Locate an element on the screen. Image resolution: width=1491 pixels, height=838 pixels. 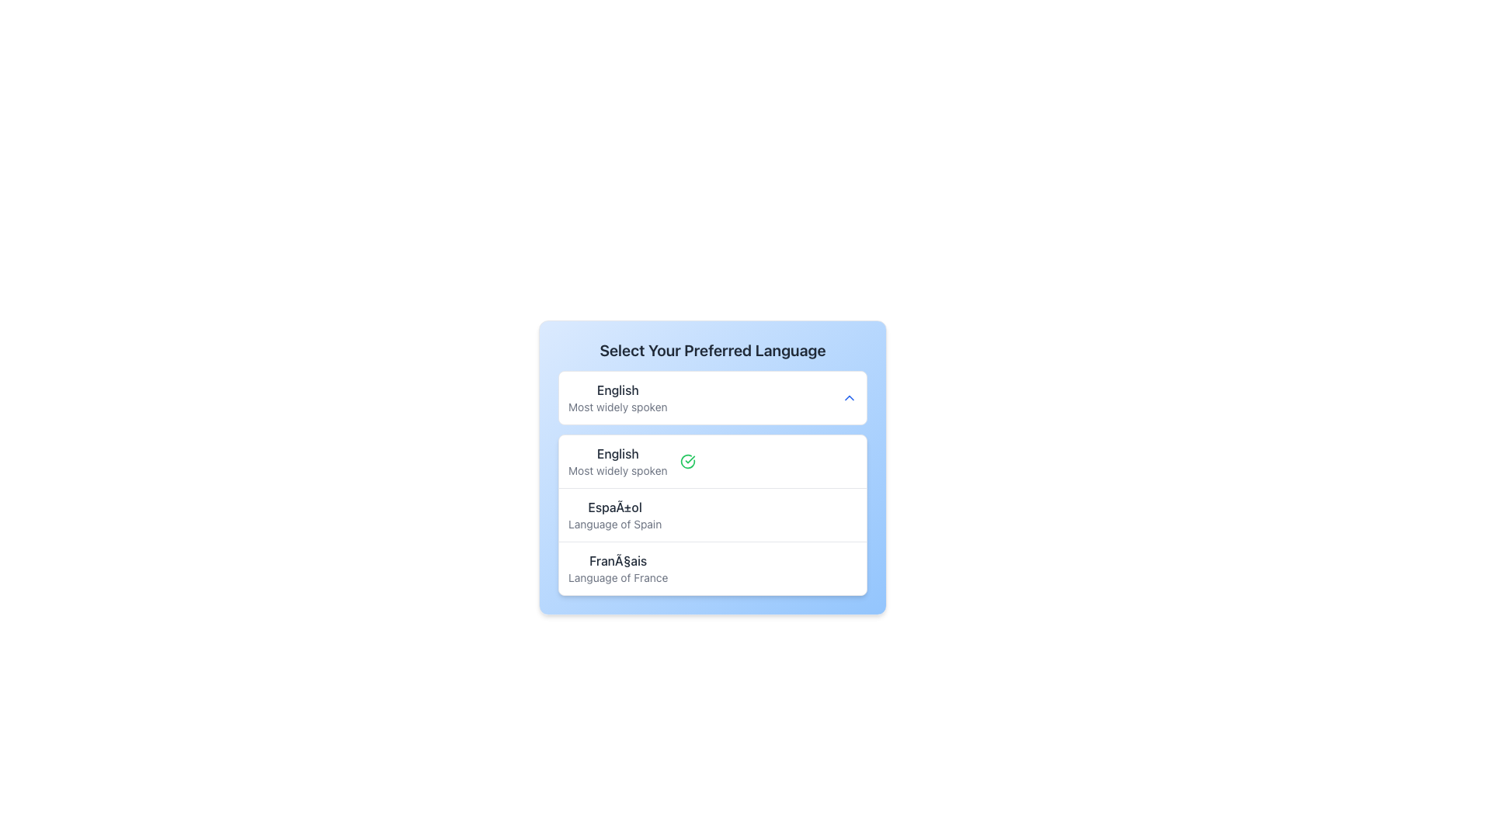
the List item for 'Español' is located at coordinates (711, 514).